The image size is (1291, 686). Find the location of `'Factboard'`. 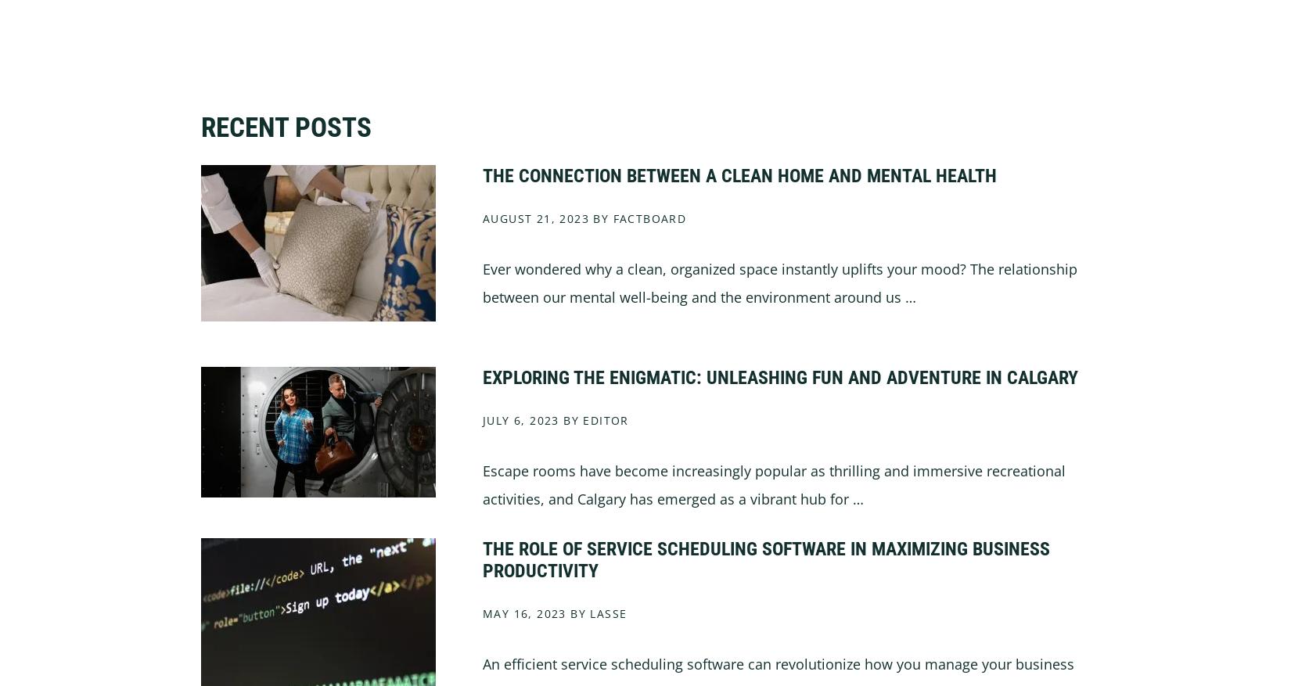

'Factboard' is located at coordinates (649, 217).